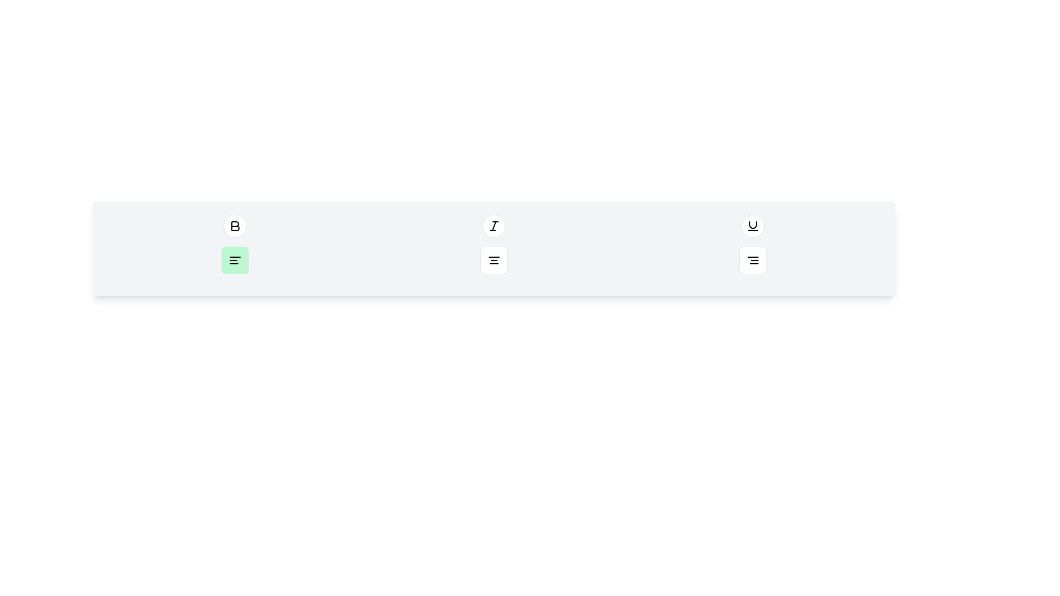  I want to click on the circular button with a white background and a black underline icon to apply underline formatting, so click(752, 225).